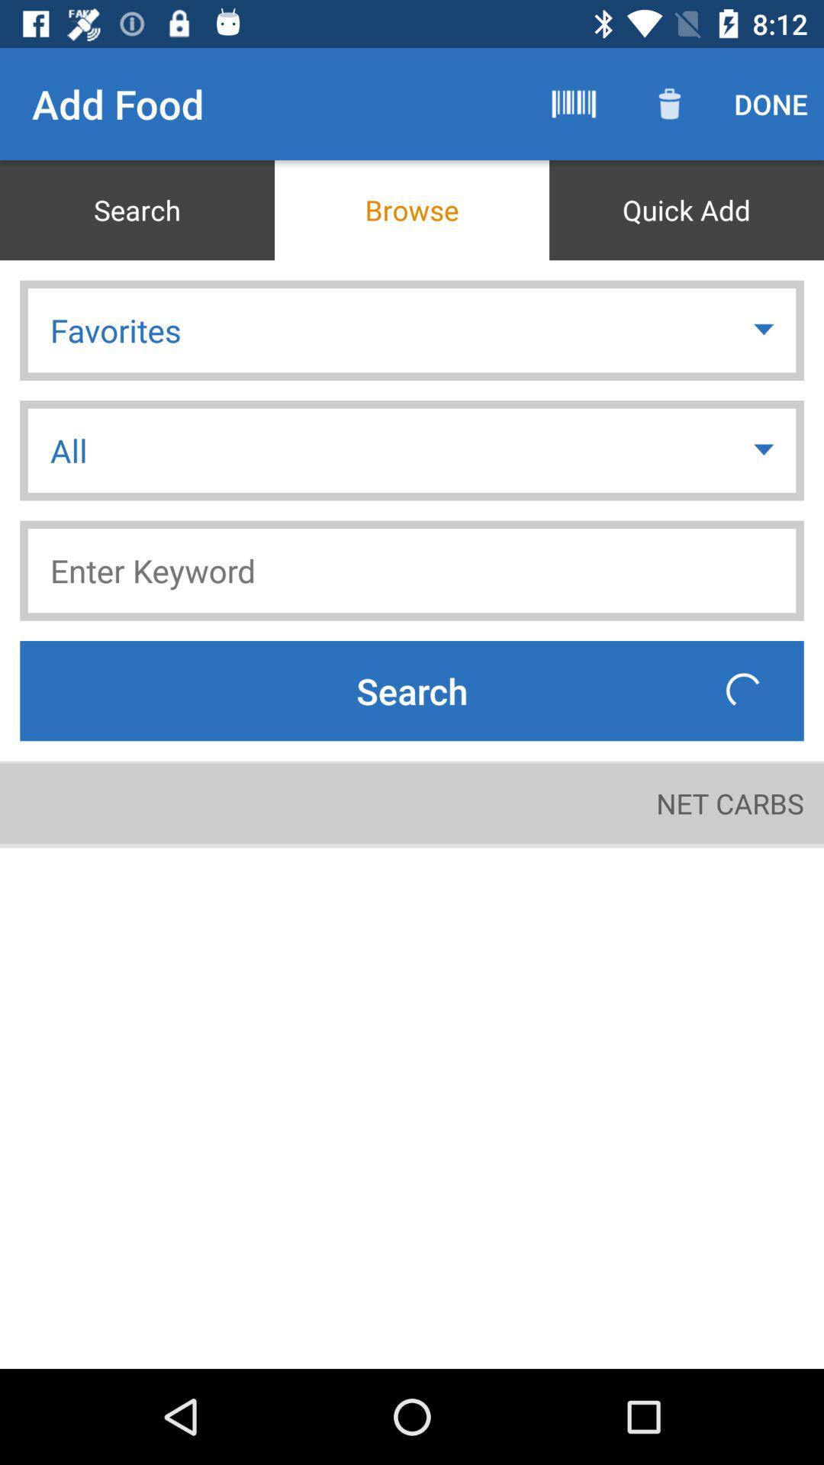  What do you see at coordinates (765, 449) in the screenshot?
I see `icon below favorites` at bounding box center [765, 449].